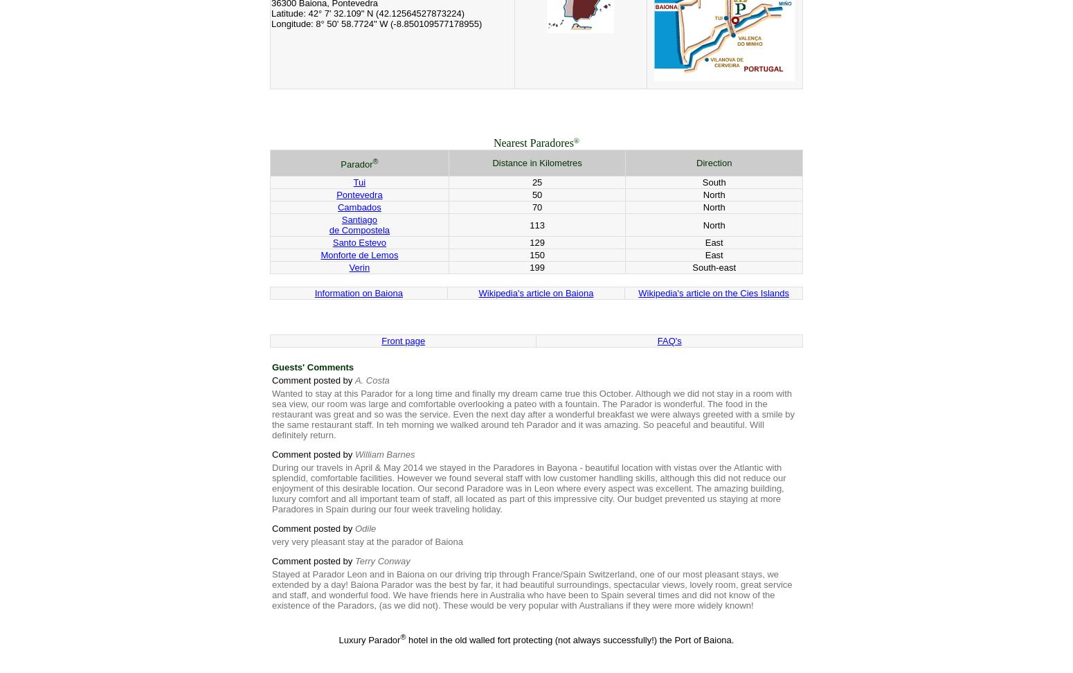 Image resolution: width=1073 pixels, height=673 pixels. What do you see at coordinates (312, 367) in the screenshot?
I see `'Guests' Comments'` at bounding box center [312, 367].